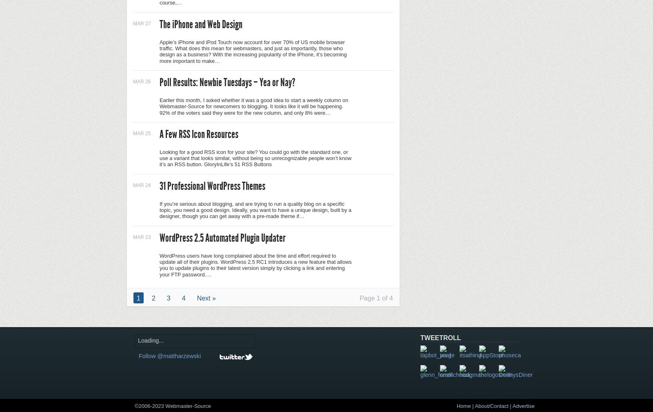 The height and width of the screenshot is (412, 653). I want to click on 'Poll Results: Newbie Tuesdays – Yea or Nay?', so click(227, 81).